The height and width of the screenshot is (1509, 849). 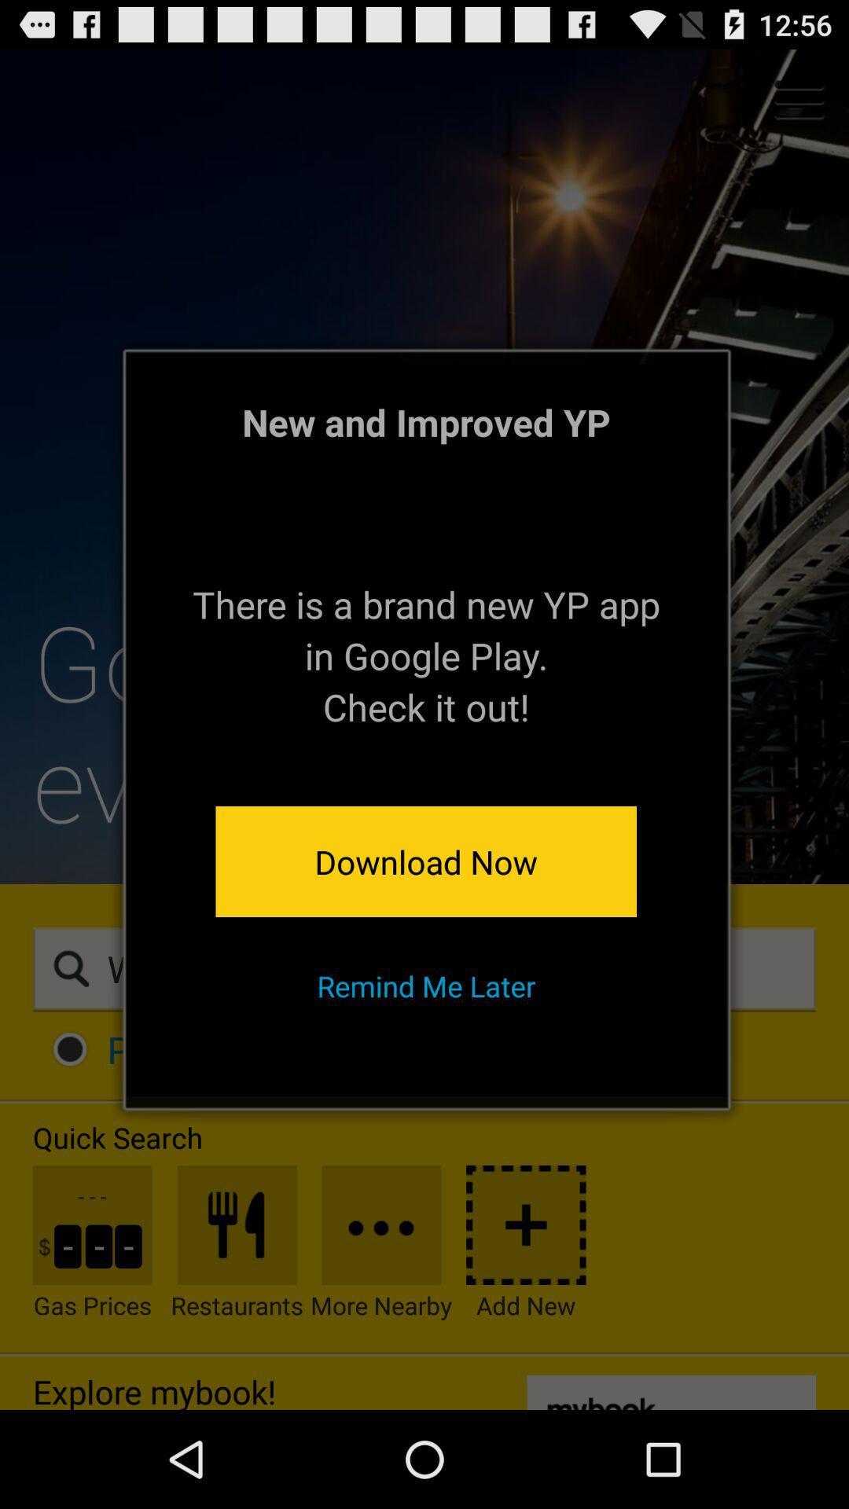 What do you see at coordinates (426, 861) in the screenshot?
I see `app below the there is a` at bounding box center [426, 861].